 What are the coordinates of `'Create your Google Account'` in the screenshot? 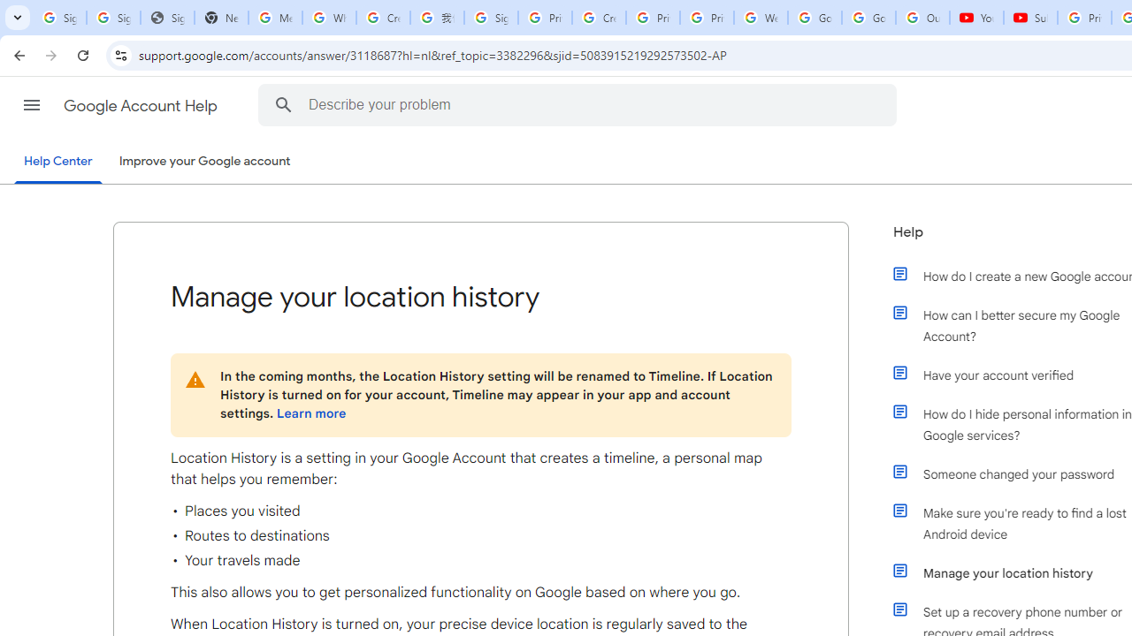 It's located at (599, 18).